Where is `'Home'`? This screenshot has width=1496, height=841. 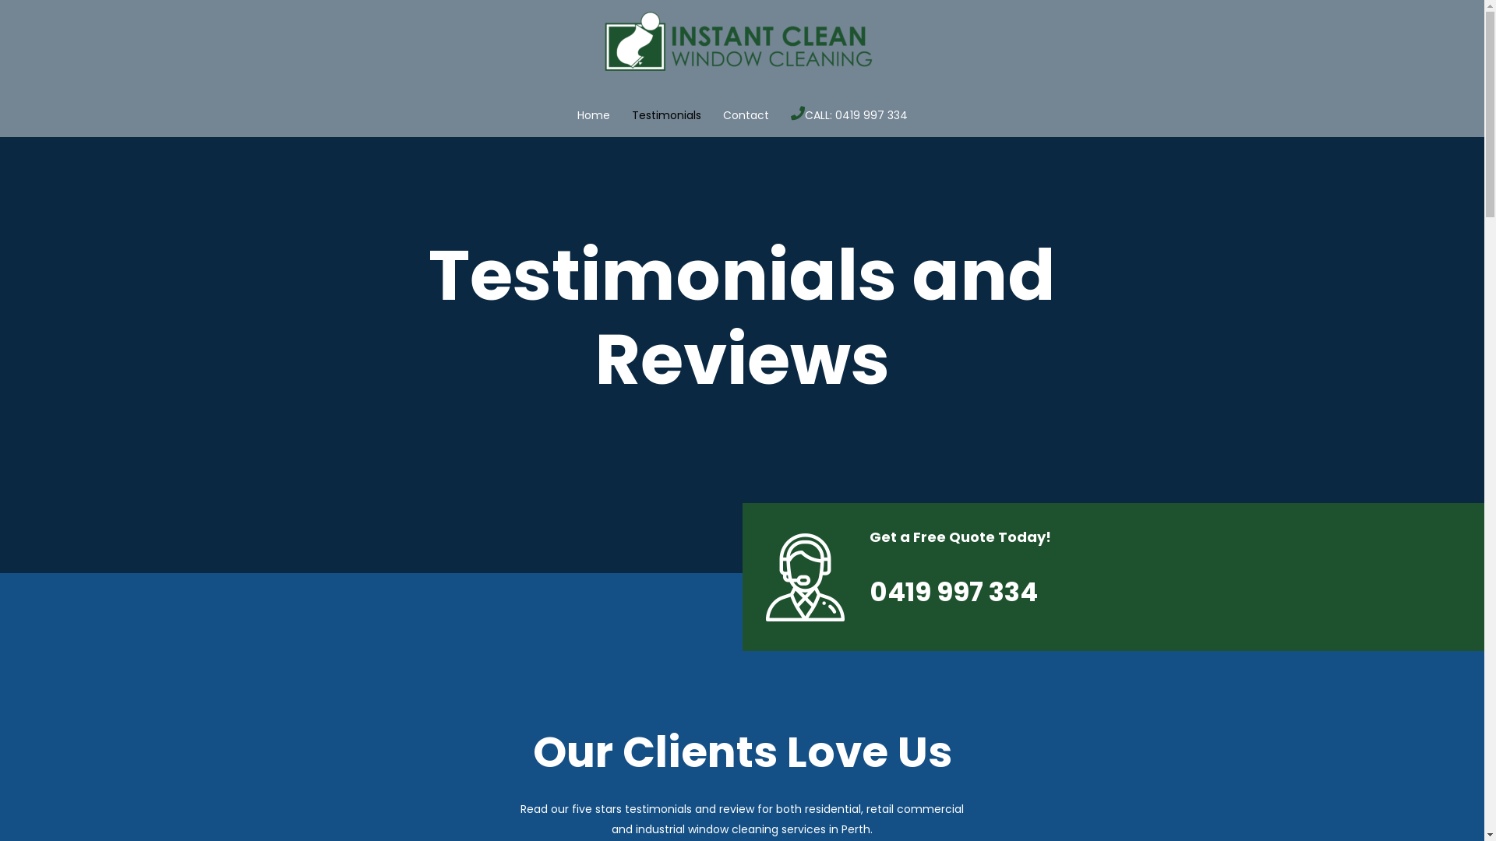
'Home' is located at coordinates (592, 114).